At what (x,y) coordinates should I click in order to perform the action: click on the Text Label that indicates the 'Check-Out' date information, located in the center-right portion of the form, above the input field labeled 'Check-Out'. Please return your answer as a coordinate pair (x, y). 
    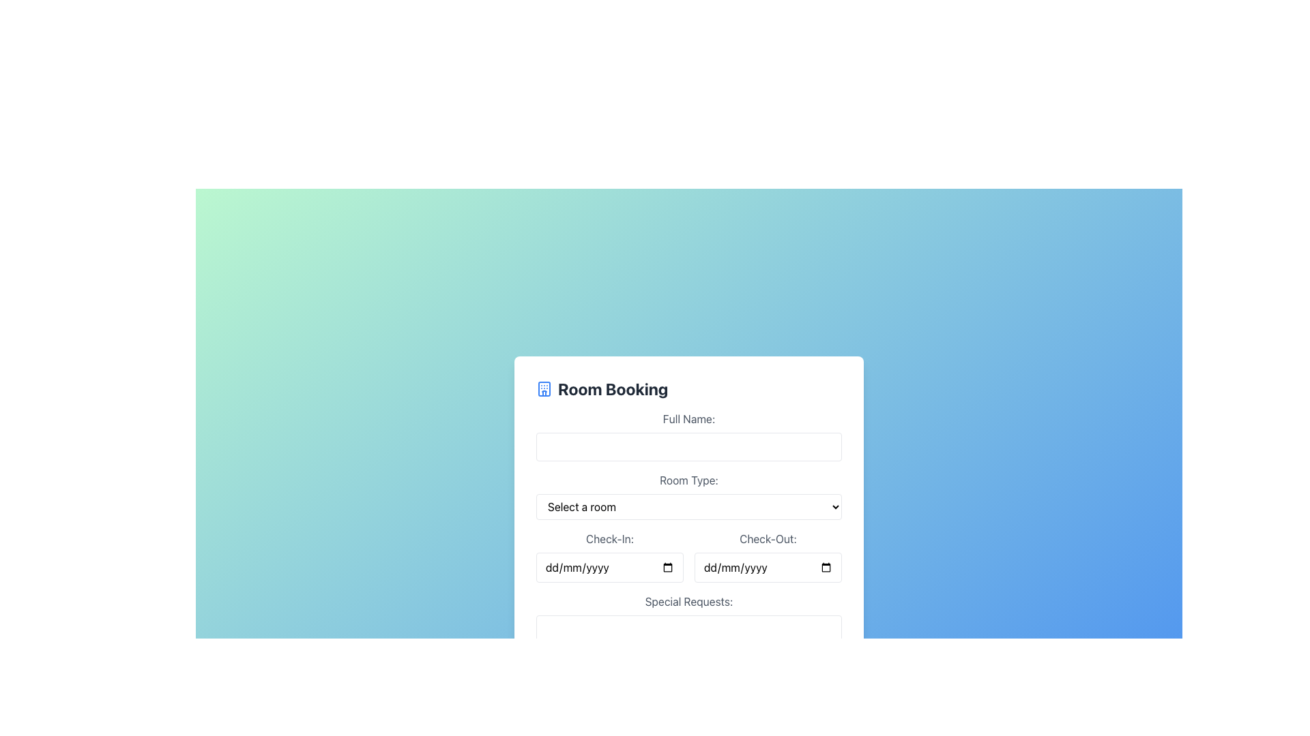
    Looking at the image, I should click on (768, 538).